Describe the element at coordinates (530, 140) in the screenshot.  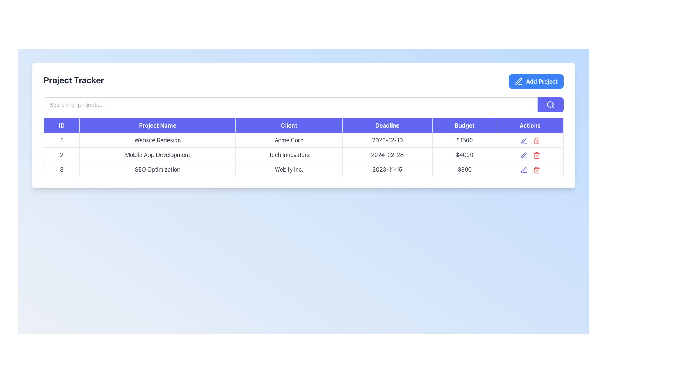
I see `the red trash icon in the 'Actions' column of the first row` at that location.